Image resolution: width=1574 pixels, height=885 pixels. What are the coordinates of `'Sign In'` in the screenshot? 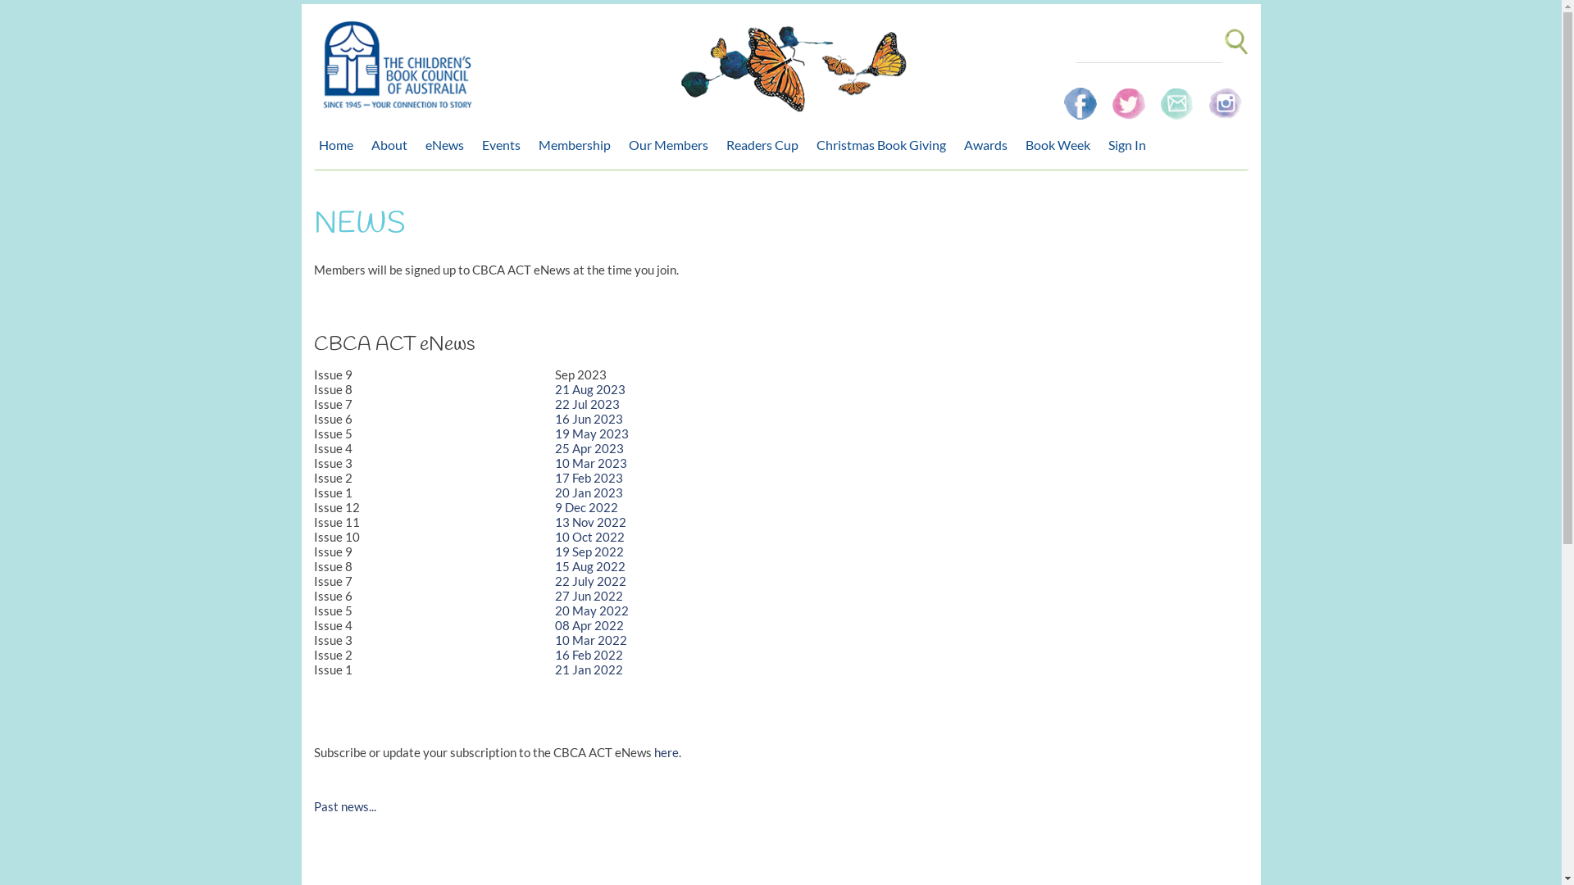 It's located at (1130, 144).